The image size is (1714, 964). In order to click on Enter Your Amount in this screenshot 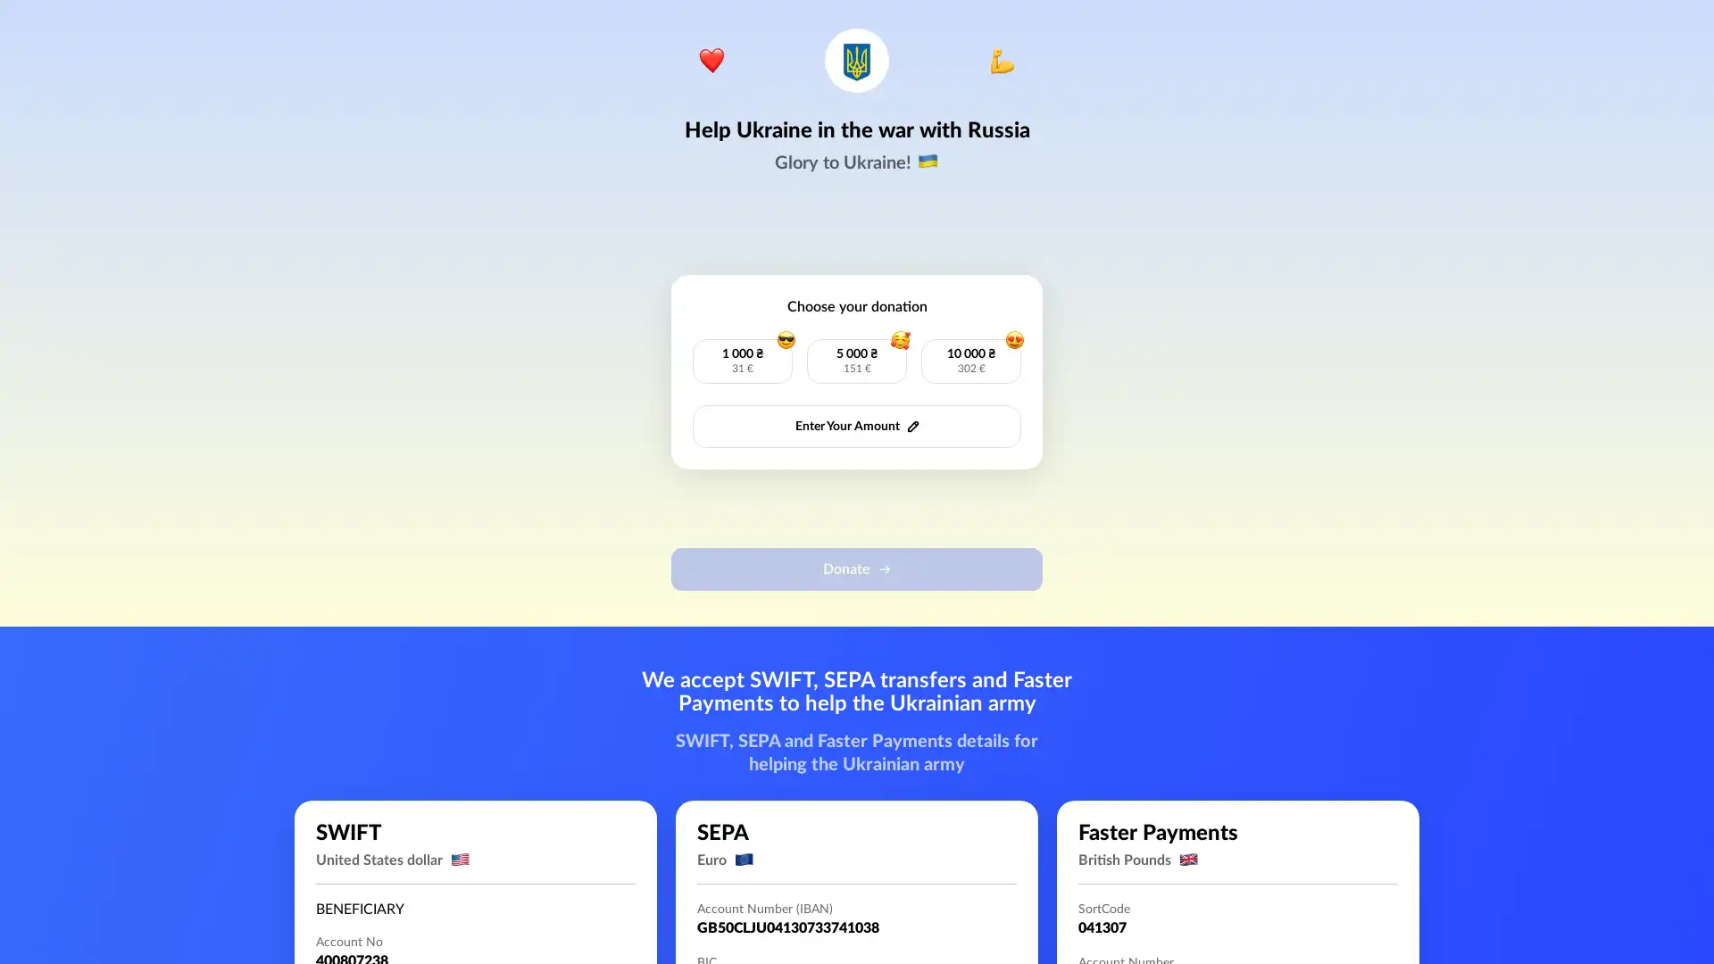, I will do `click(857, 427)`.